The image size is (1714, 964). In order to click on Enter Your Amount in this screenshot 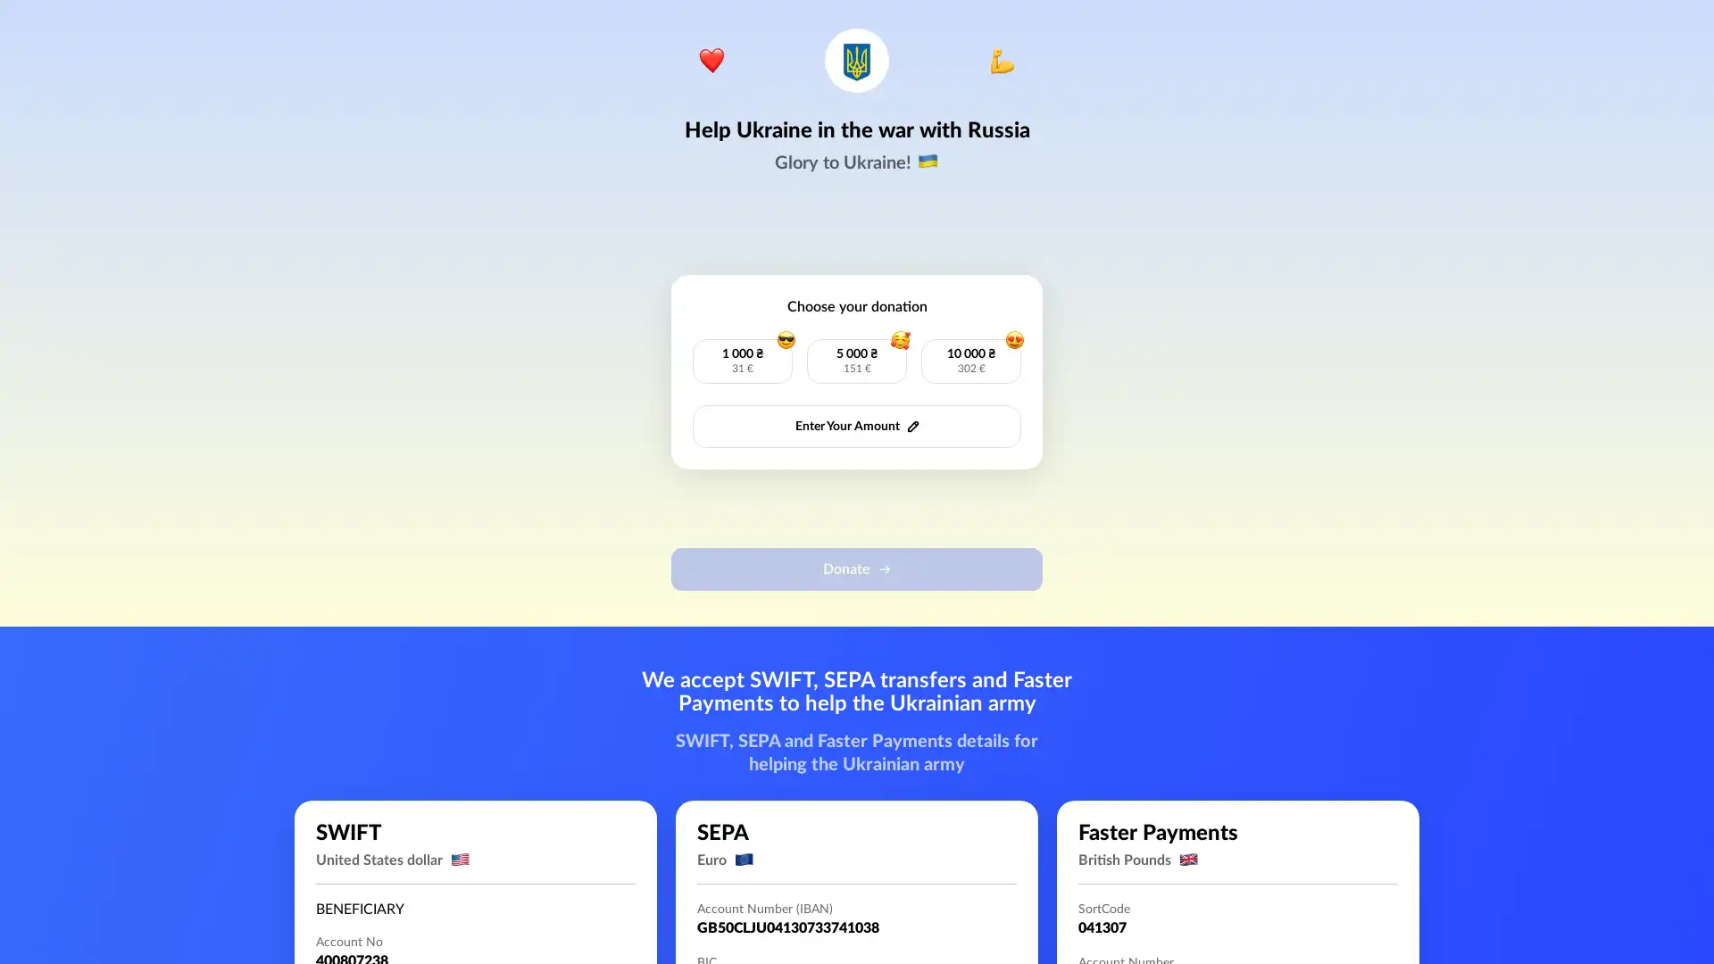, I will do `click(857, 427)`.